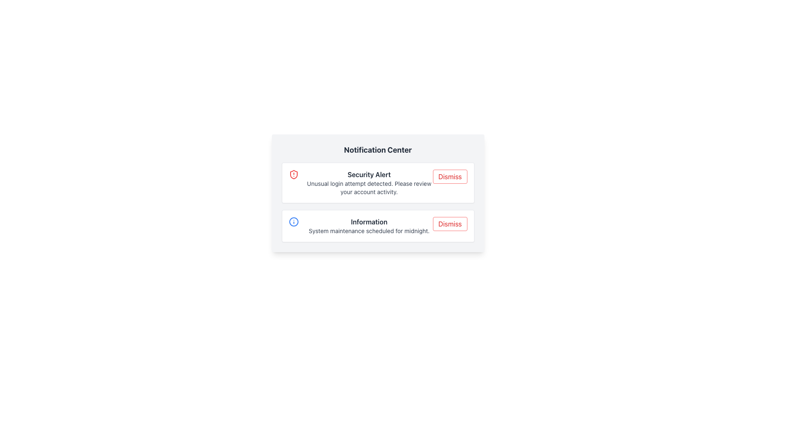 The image size is (797, 448). I want to click on the Notification Card that informs about a security alert for an unusual login attempt, located at the top of the Notification Center, so click(377, 182).